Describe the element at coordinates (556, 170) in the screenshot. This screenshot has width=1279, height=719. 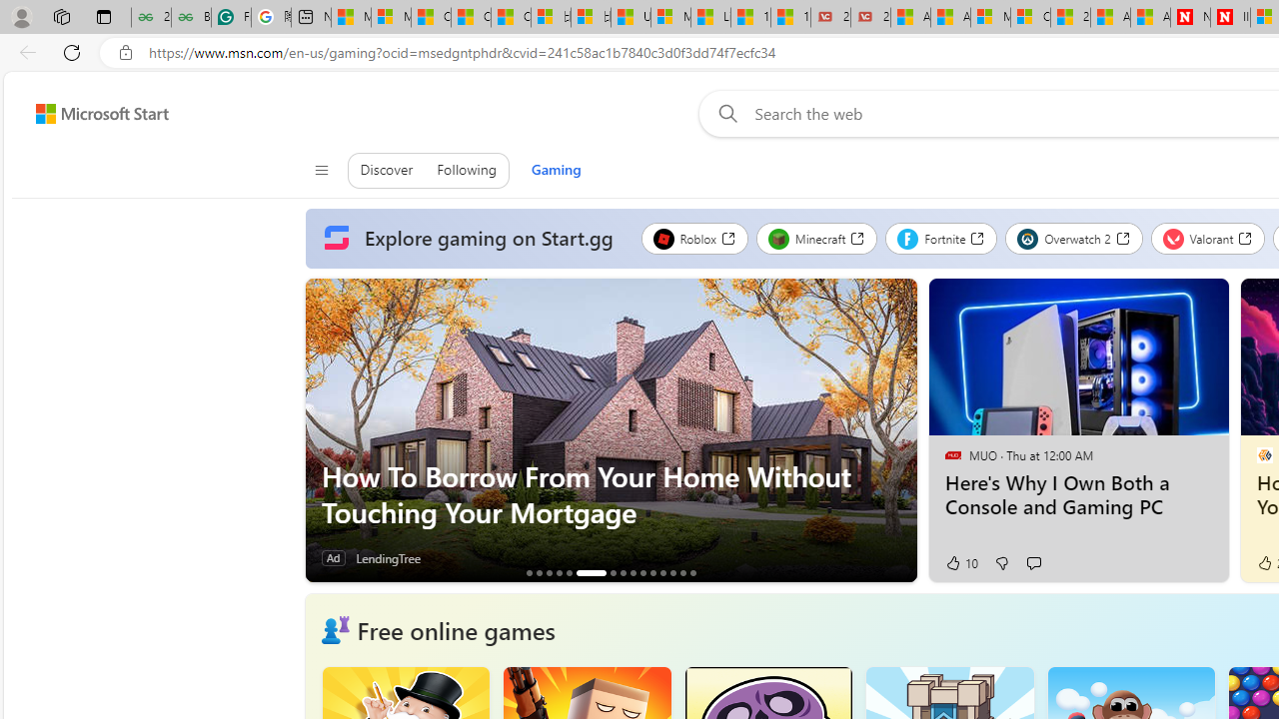
I see `'Gaming'` at that location.